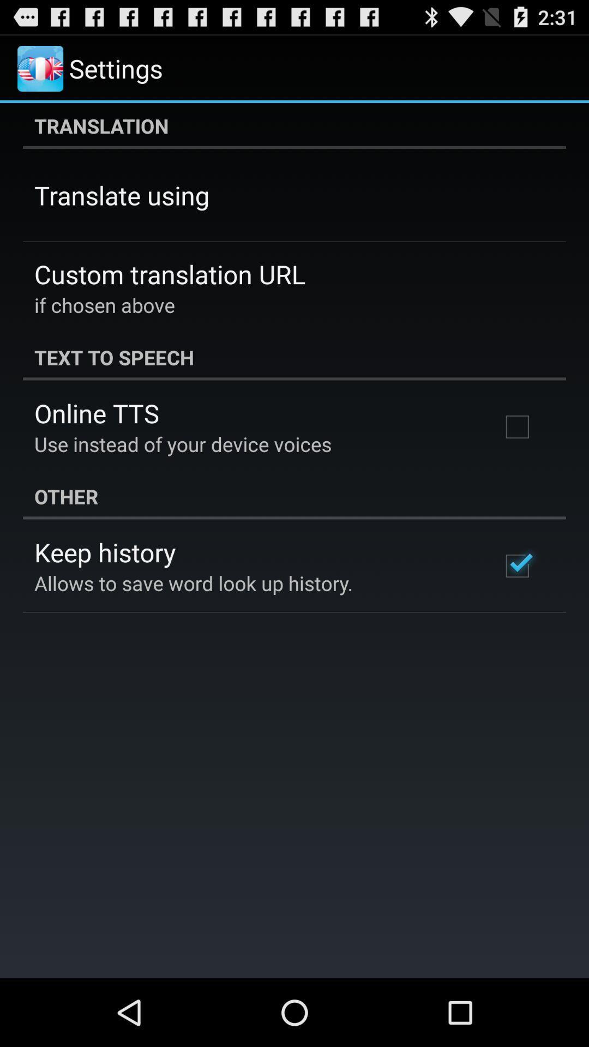 This screenshot has height=1047, width=589. Describe the element at coordinates (170, 274) in the screenshot. I see `custom translation url` at that location.